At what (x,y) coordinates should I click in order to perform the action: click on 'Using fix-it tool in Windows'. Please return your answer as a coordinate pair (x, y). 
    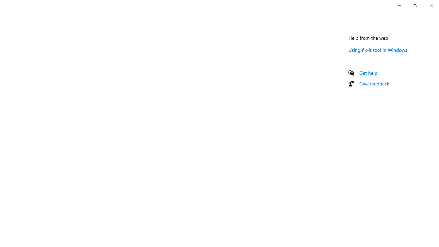
    Looking at the image, I should click on (378, 49).